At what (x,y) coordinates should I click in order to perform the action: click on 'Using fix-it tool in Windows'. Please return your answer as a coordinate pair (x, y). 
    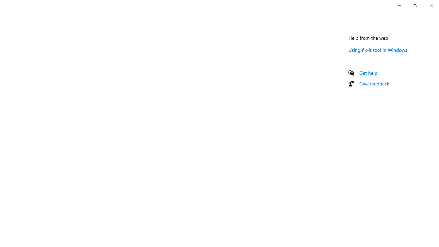
    Looking at the image, I should click on (378, 49).